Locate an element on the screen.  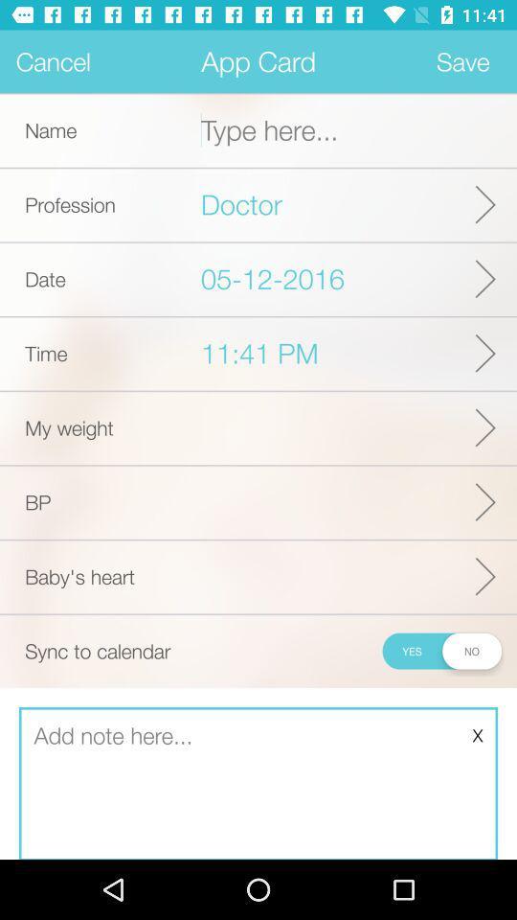
the caret right arrow which is to the right side of bp option is located at coordinates (485, 500).